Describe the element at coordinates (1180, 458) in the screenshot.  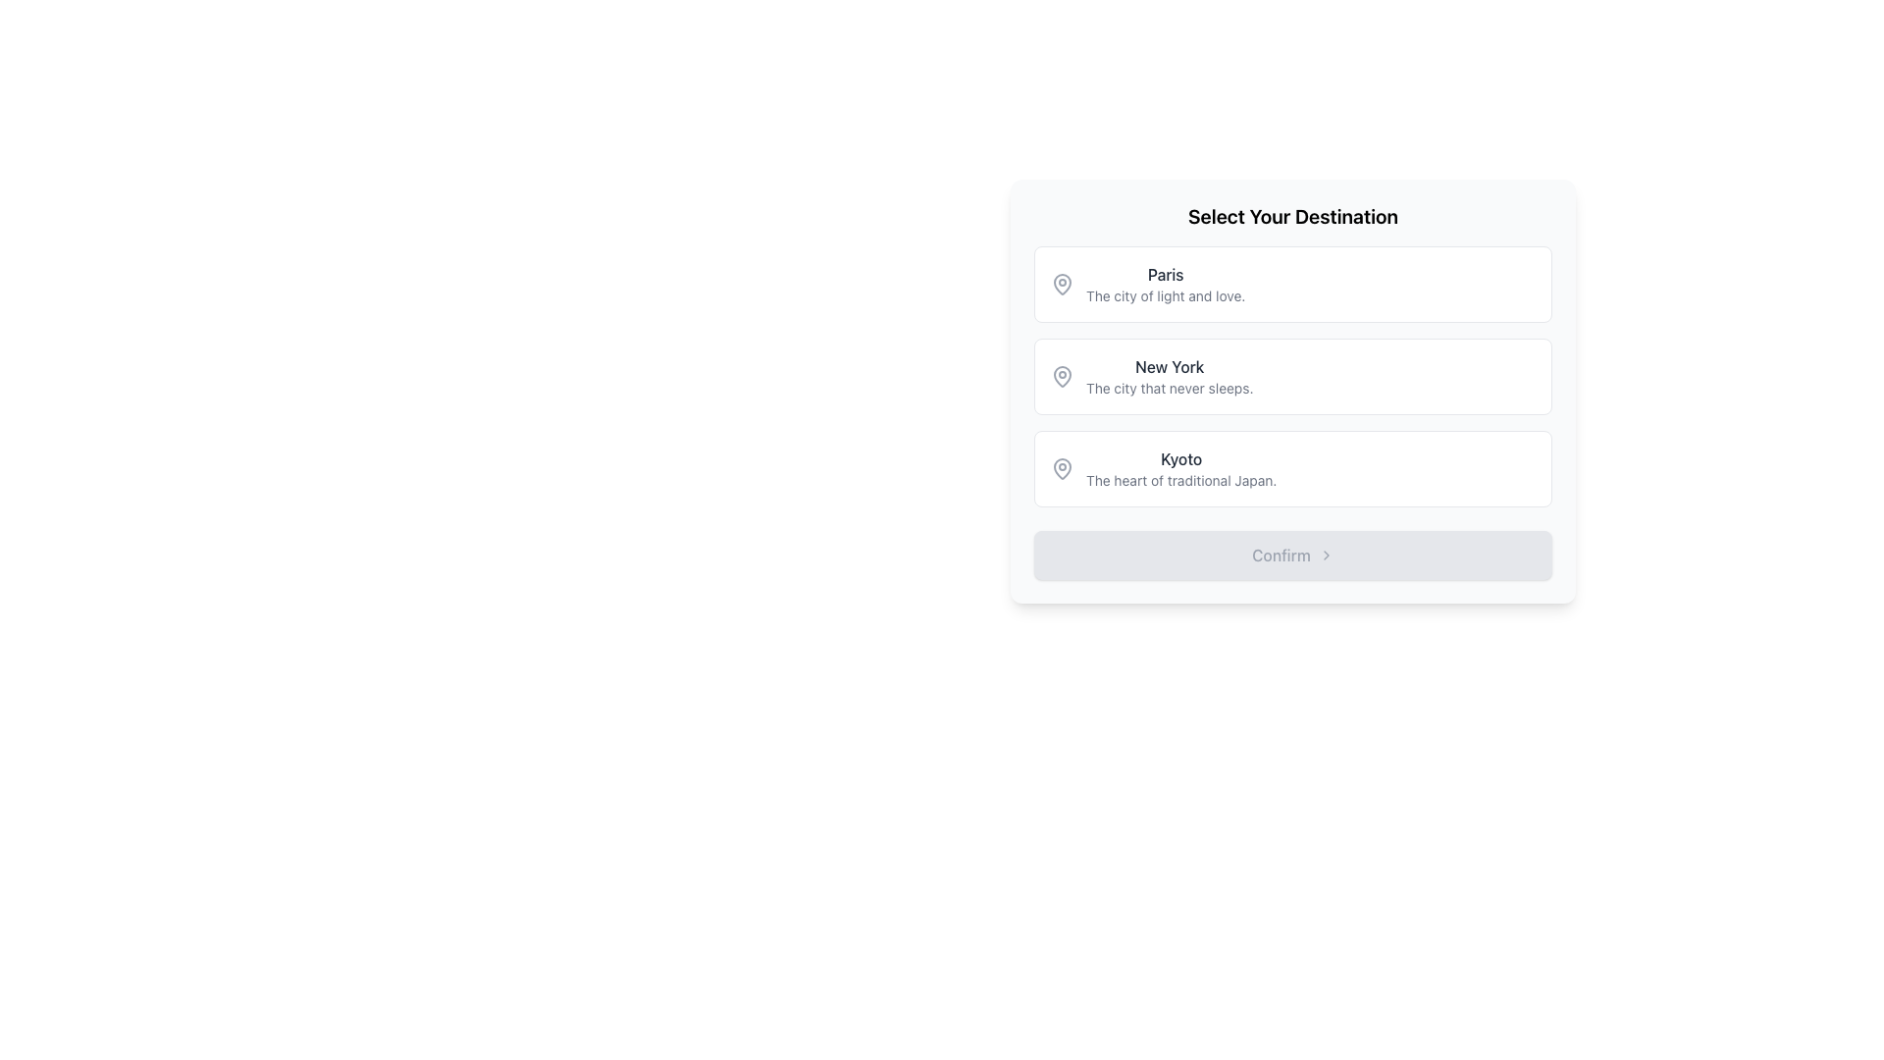
I see `the text label displaying 'Kyoto' in a medium-sized, bold, gray font located in the upper portion of the third item in a vertical list of city destinations` at that location.